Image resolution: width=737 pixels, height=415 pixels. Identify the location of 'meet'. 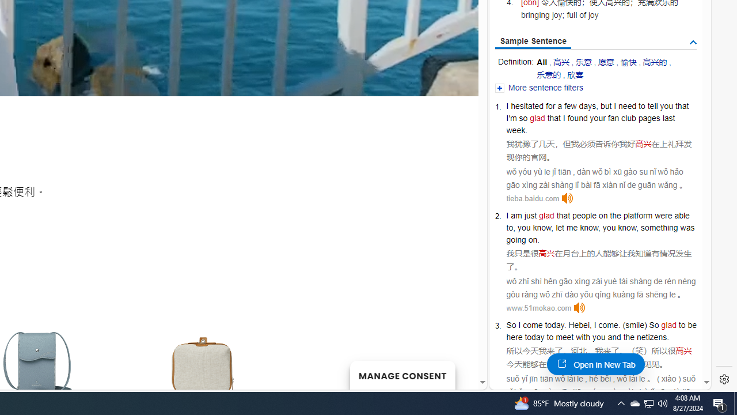
(565, 337).